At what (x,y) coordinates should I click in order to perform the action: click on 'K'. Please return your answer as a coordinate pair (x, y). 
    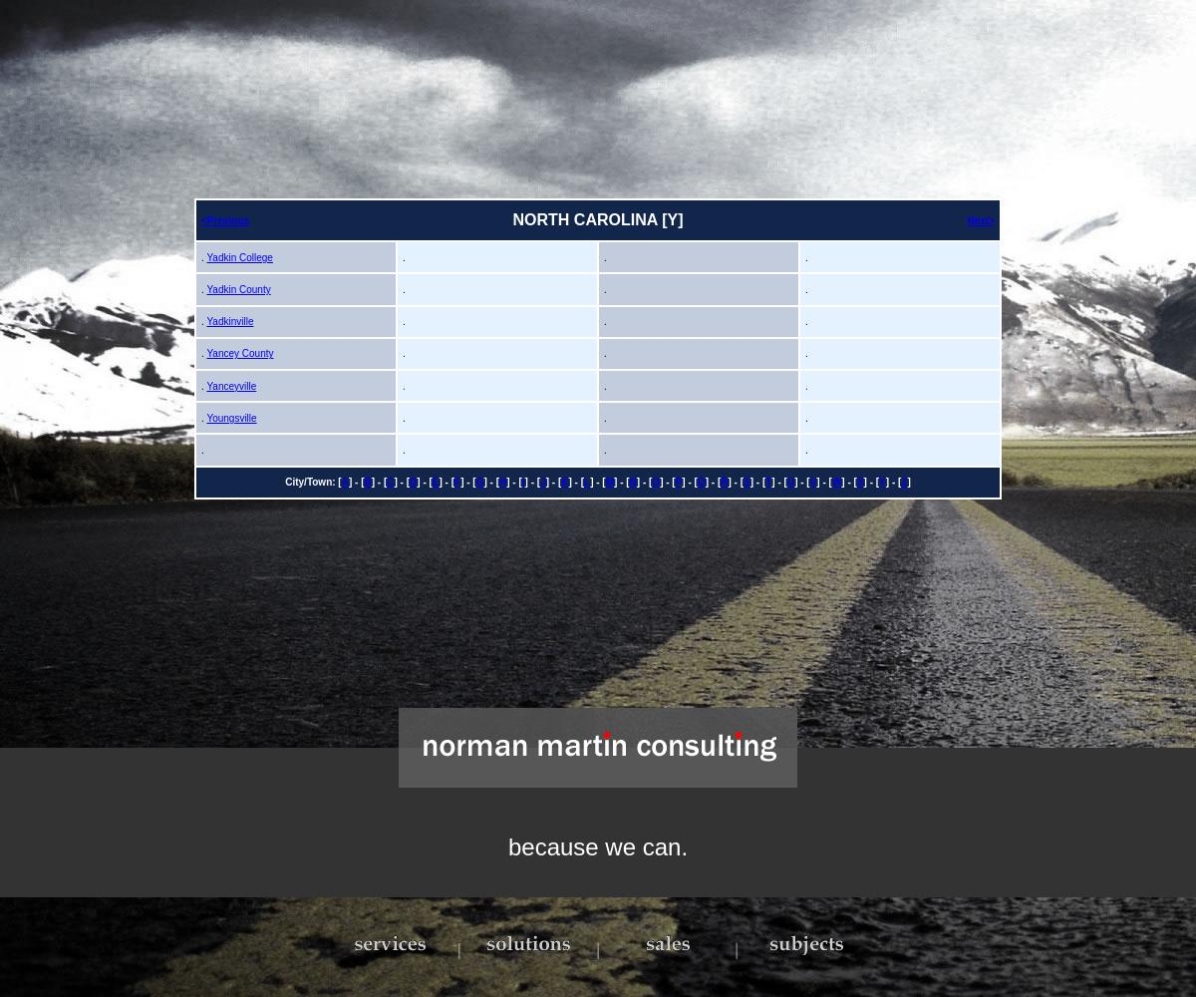
    Looking at the image, I should click on (563, 481).